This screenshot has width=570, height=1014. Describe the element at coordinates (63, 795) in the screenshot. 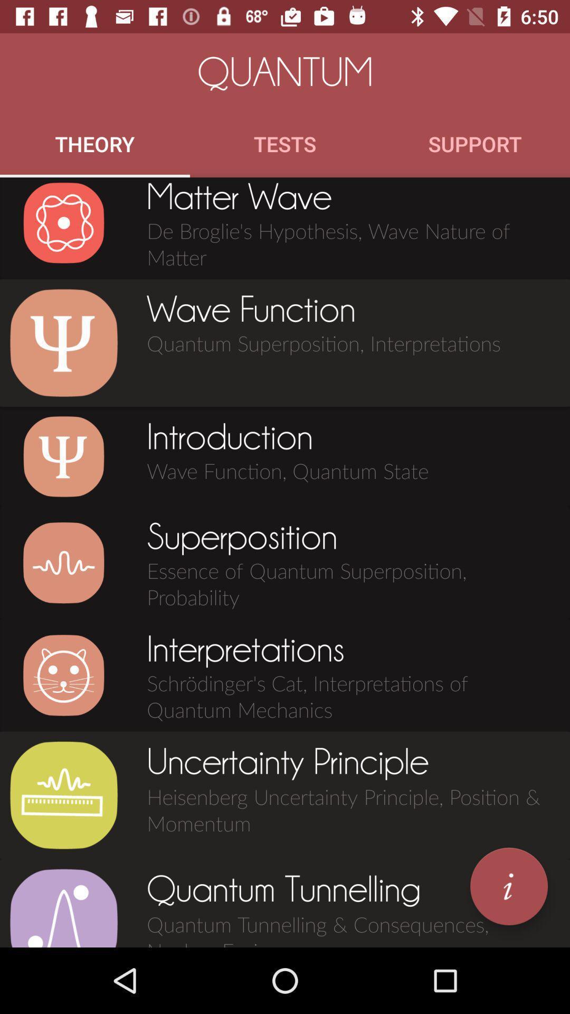

I see `uncertainty principle` at that location.